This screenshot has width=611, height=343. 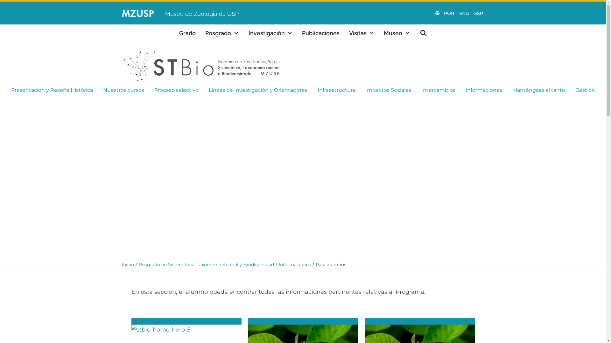 What do you see at coordinates (448, 13) in the screenshot?
I see `'POR'` at bounding box center [448, 13].